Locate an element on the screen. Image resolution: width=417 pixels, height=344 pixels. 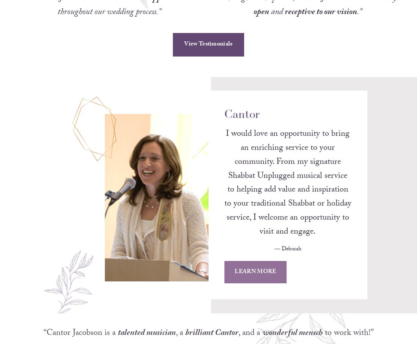
'— Deborah' is located at coordinates (262, 259).